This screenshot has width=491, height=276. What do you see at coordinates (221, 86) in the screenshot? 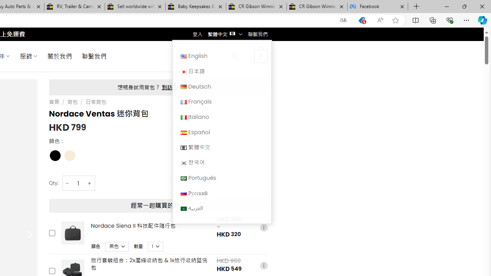
I see `' Deutsch'` at bounding box center [221, 86].